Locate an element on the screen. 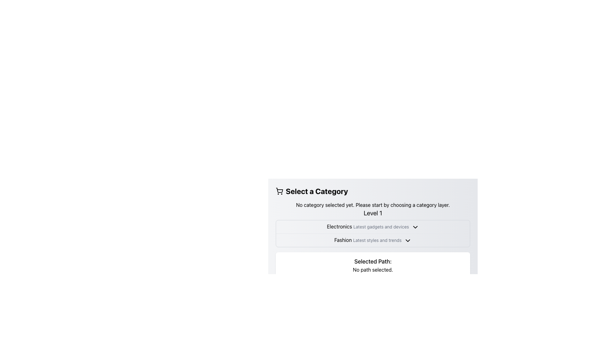  the 'Electronics' Dropdown category label is located at coordinates (373, 227).